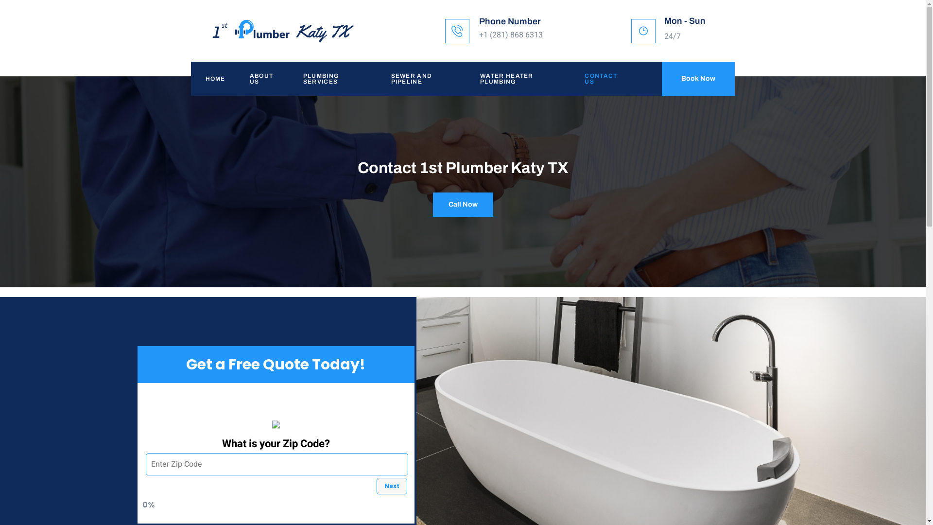 The width and height of the screenshot is (933, 525). Describe the element at coordinates (332, 78) in the screenshot. I see `'PLUMBING SERVICES'` at that location.